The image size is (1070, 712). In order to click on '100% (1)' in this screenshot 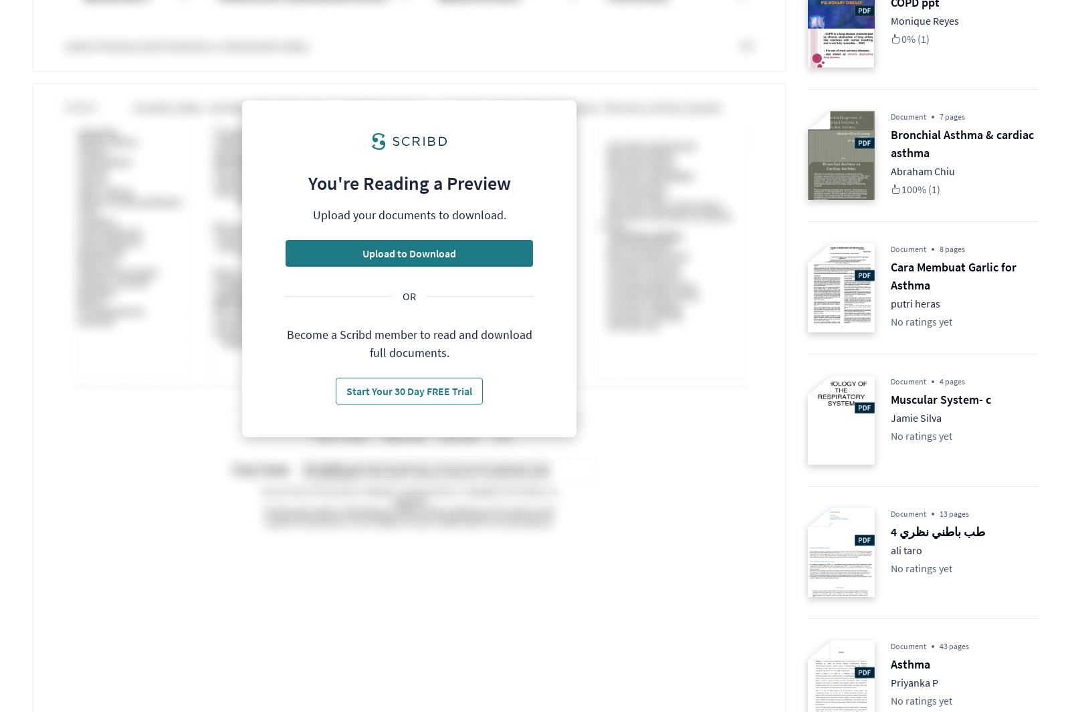, I will do `click(901, 188)`.